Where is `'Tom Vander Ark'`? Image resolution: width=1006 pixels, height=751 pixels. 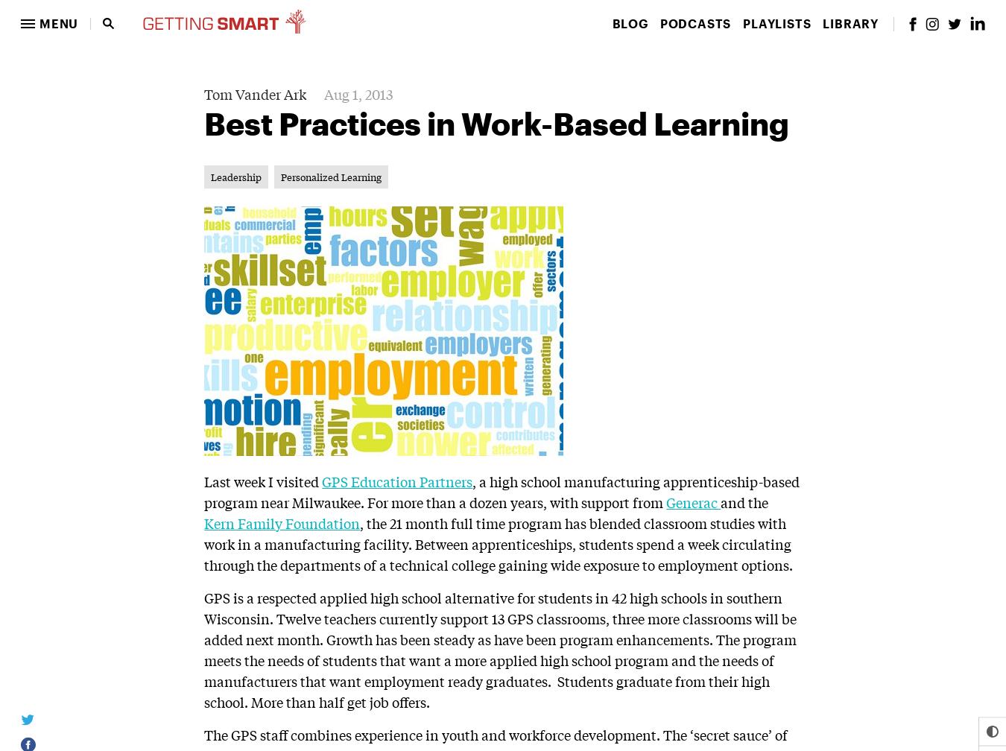 'Tom Vander Ark' is located at coordinates (255, 94).